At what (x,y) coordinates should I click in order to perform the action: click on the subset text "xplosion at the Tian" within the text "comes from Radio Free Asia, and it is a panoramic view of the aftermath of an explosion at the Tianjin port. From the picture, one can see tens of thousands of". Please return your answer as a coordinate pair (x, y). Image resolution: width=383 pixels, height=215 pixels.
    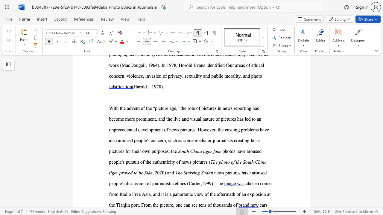
    Looking at the image, I should click on (249, 194).